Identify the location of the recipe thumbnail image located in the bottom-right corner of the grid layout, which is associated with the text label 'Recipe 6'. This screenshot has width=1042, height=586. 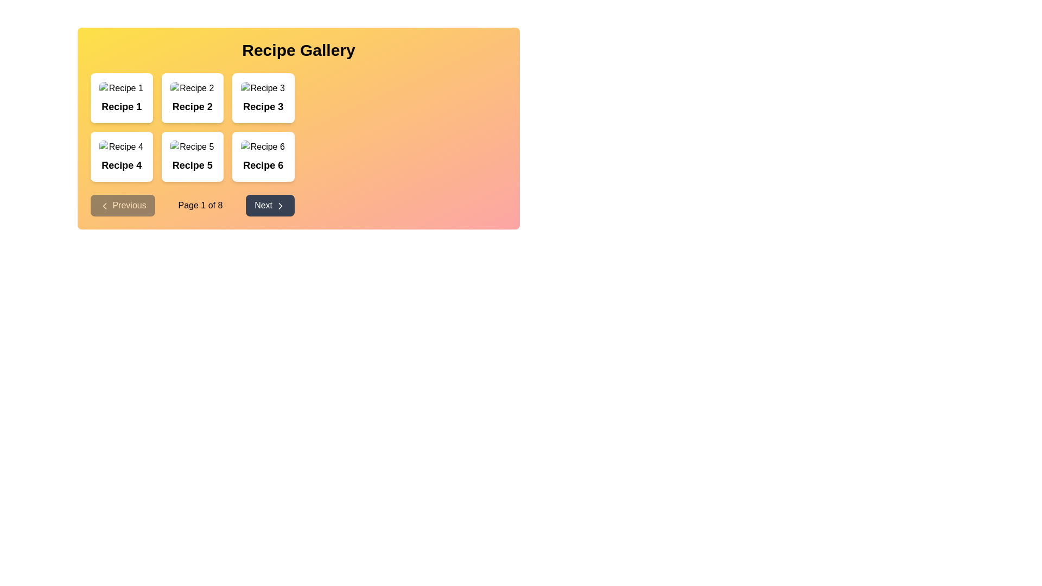
(263, 146).